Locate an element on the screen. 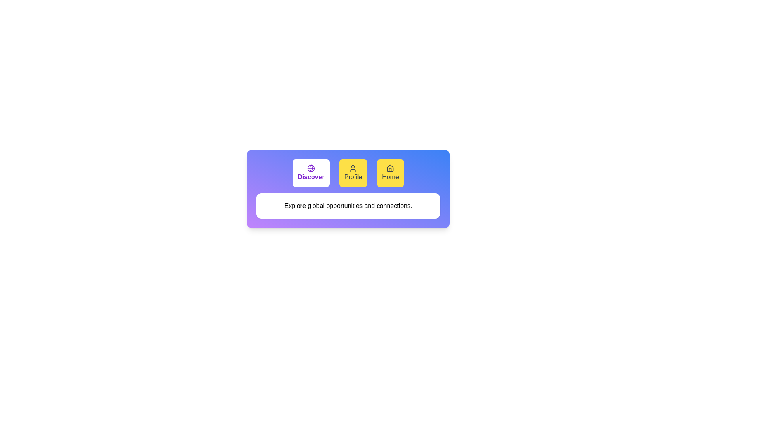 This screenshot has width=760, height=427. the globe icon centered within the 'Discover' card, which is the first card in a horizontal stack at the top left of the interface, if the card is interactive is located at coordinates (311, 168).